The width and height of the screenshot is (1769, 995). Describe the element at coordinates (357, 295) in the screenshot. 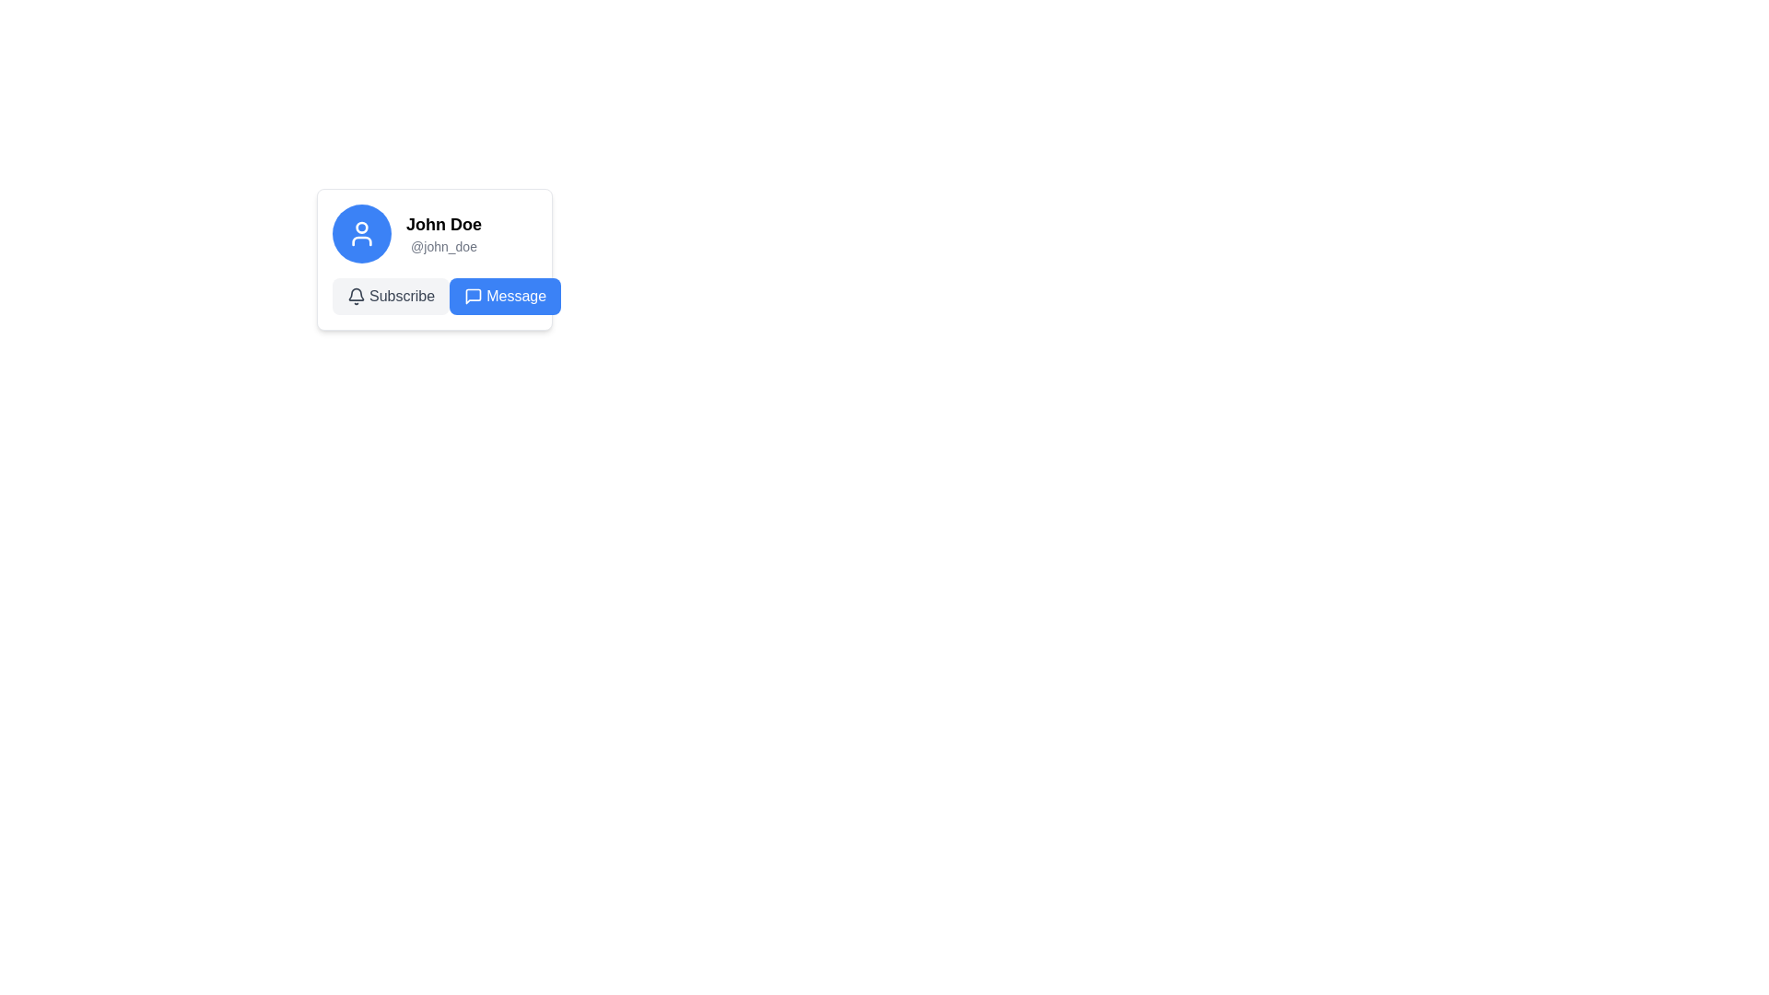

I see `the notification icon located to the left of the 'Subscribe' text in the bottom-left corner of the user card` at that location.